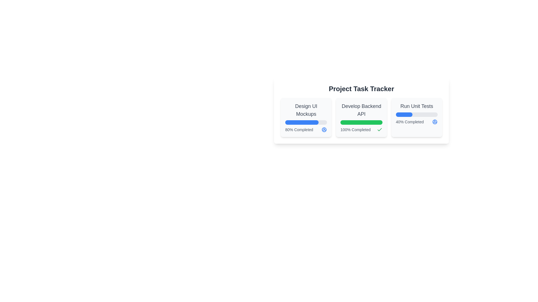  What do you see at coordinates (379, 129) in the screenshot?
I see `the green checkmark icon with a red border located to the right of the '100% Completed' label in the 'Develop Backend API' card` at bounding box center [379, 129].